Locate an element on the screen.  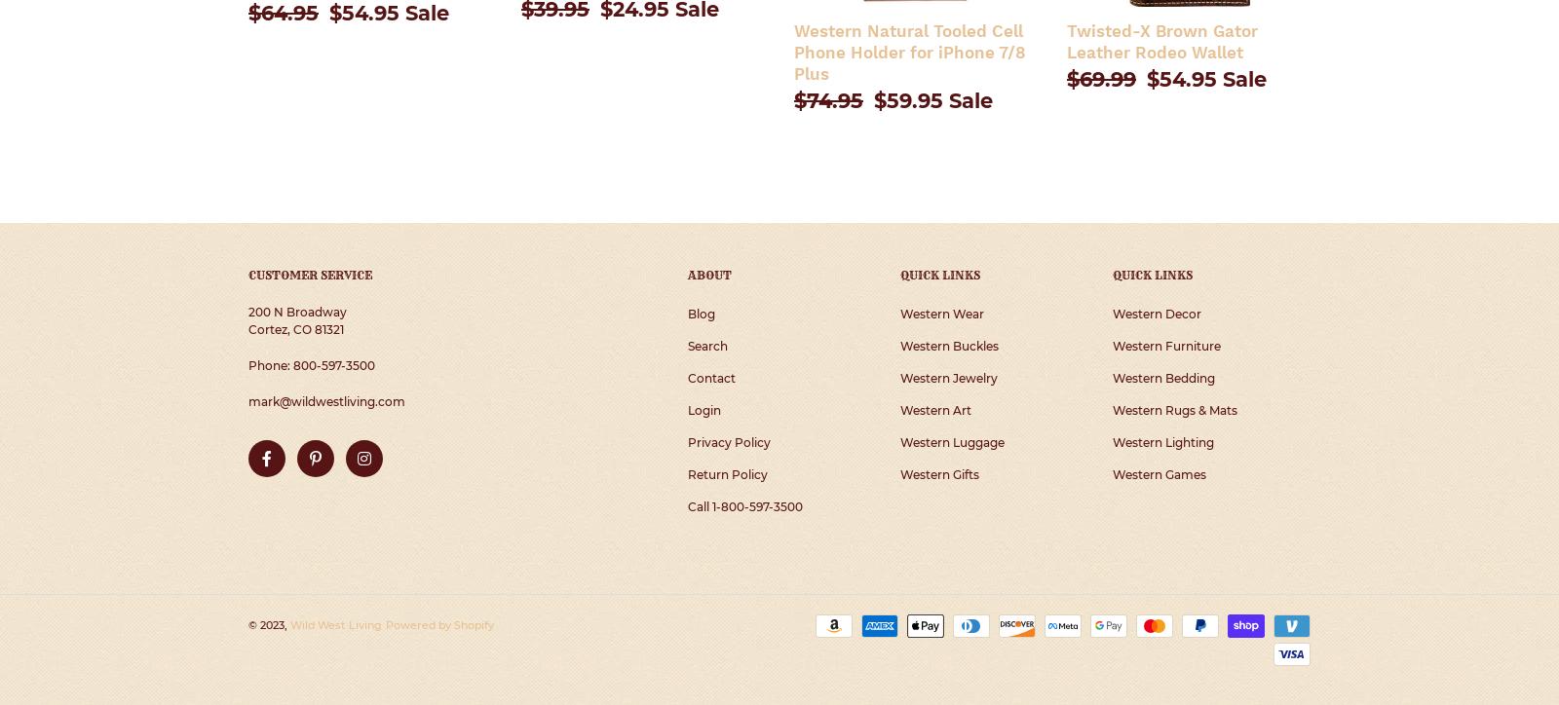
'Cortez, CO 81321' is located at coordinates (296, 327).